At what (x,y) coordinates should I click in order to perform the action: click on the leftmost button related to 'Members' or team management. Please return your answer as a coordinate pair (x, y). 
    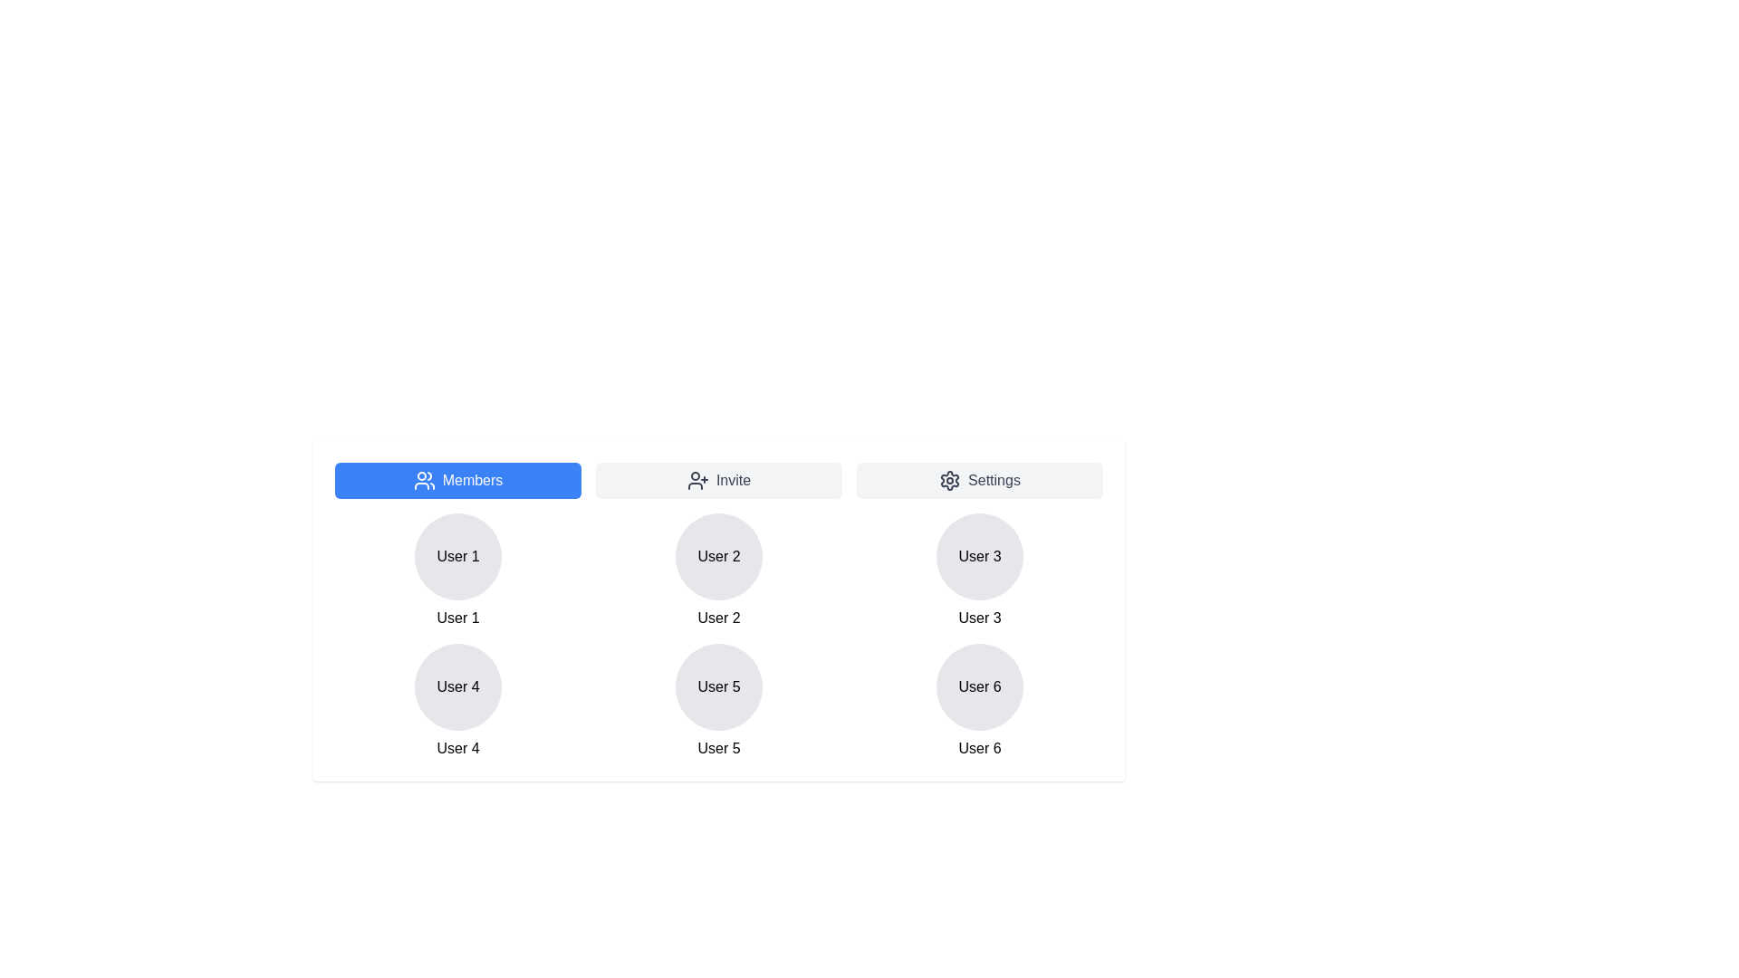
    Looking at the image, I should click on (457, 480).